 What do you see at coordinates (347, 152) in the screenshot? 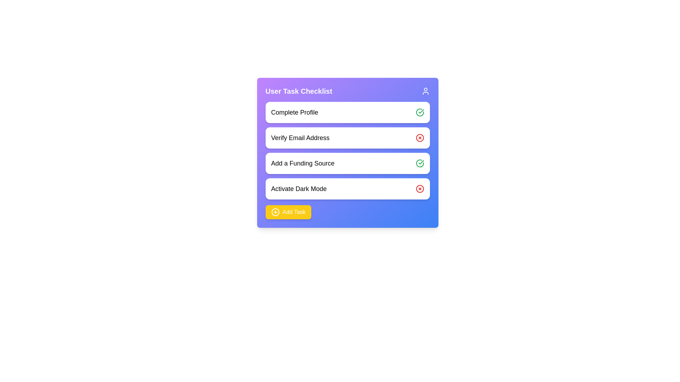
I see `the third checklist item labeled 'Add a Funding Source' to interact with the task and check its completion status indicated by the green check icon` at bounding box center [347, 152].